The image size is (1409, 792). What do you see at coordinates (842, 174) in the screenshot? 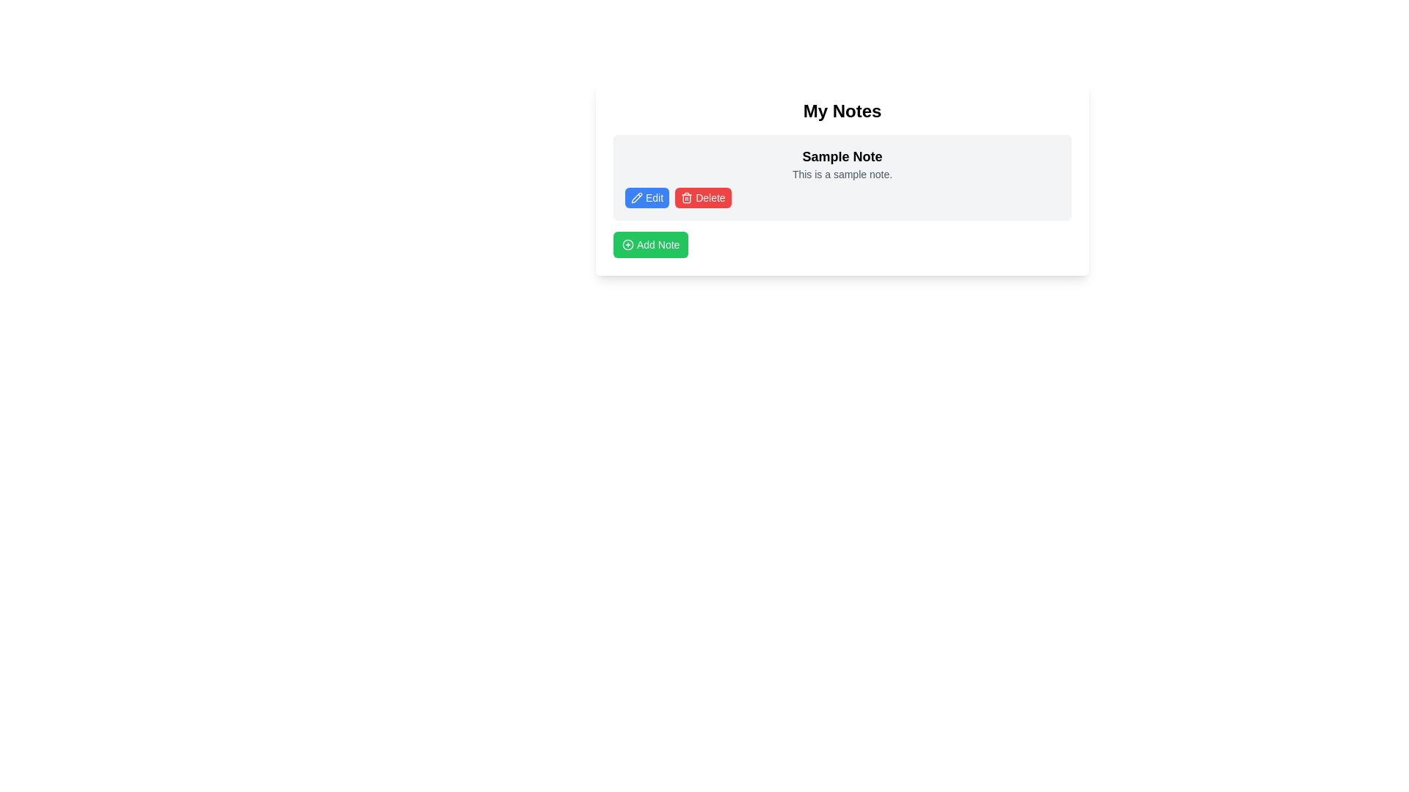
I see `the text label that reads 'This is a sample note.' which is styled in gray and located beneath the title 'Sample Note.'` at bounding box center [842, 174].